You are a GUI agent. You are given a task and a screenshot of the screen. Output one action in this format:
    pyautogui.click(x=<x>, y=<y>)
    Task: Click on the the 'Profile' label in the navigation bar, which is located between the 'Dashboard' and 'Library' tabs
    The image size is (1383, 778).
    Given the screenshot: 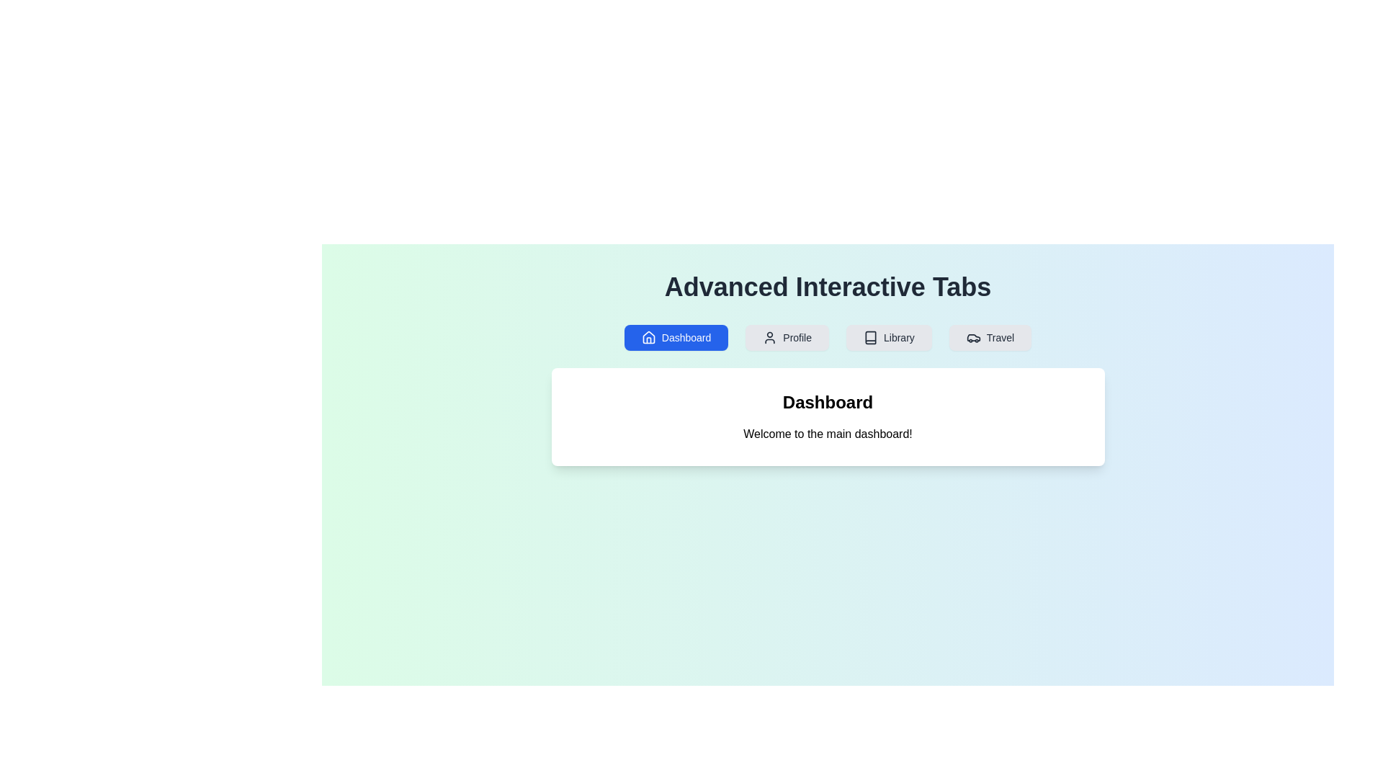 What is the action you would take?
    pyautogui.click(x=797, y=338)
    